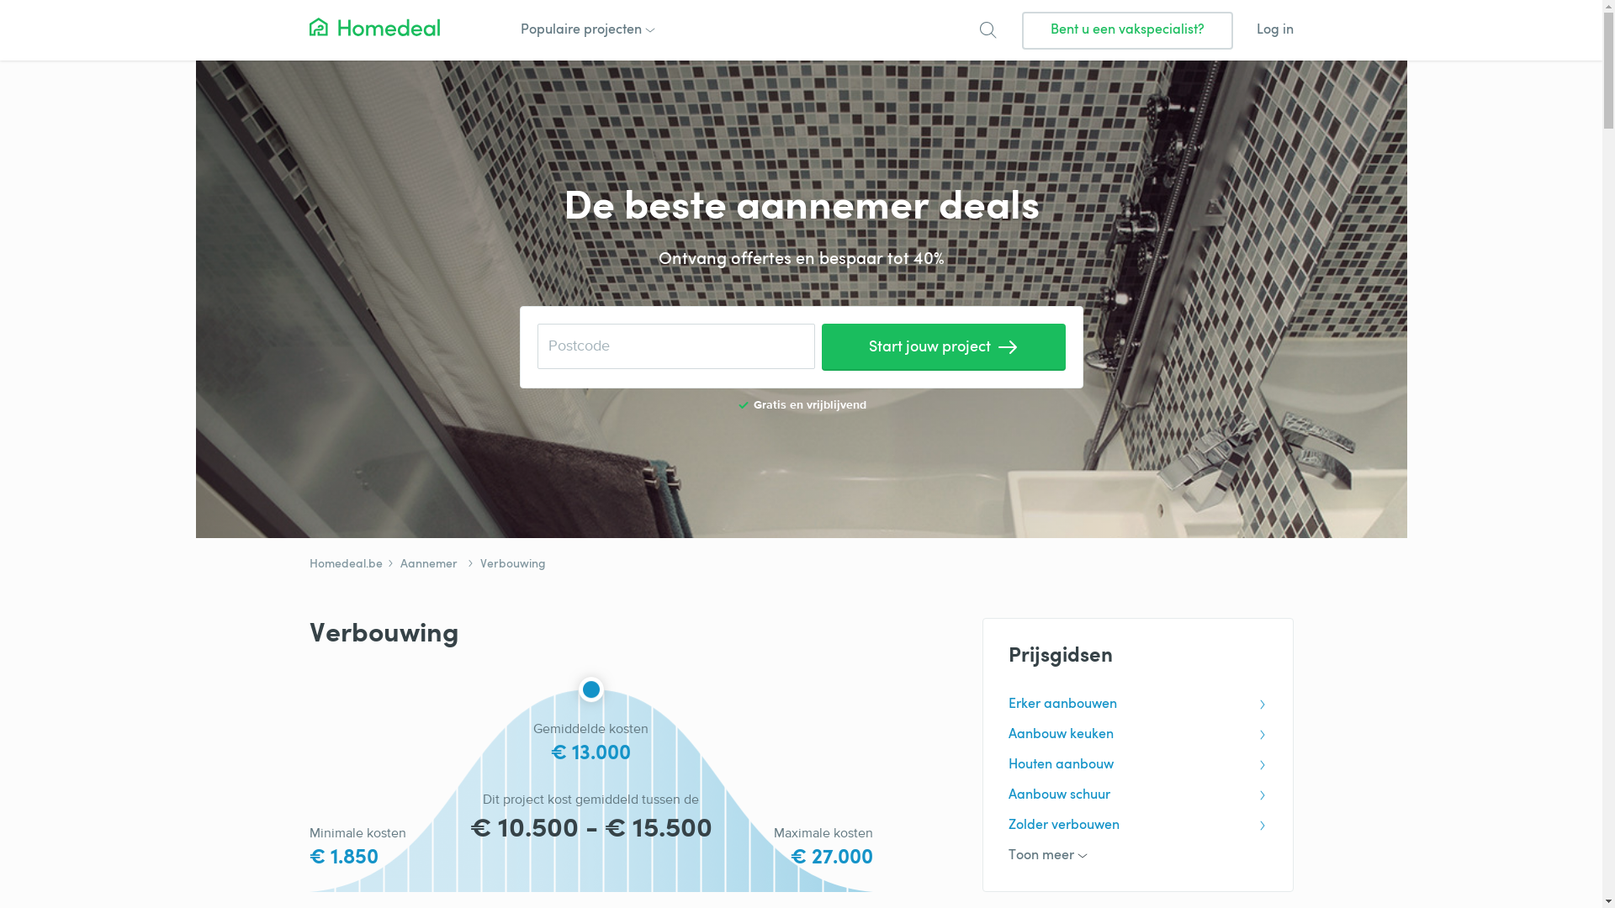  What do you see at coordinates (1137, 856) in the screenshot?
I see `'Toon meer'` at bounding box center [1137, 856].